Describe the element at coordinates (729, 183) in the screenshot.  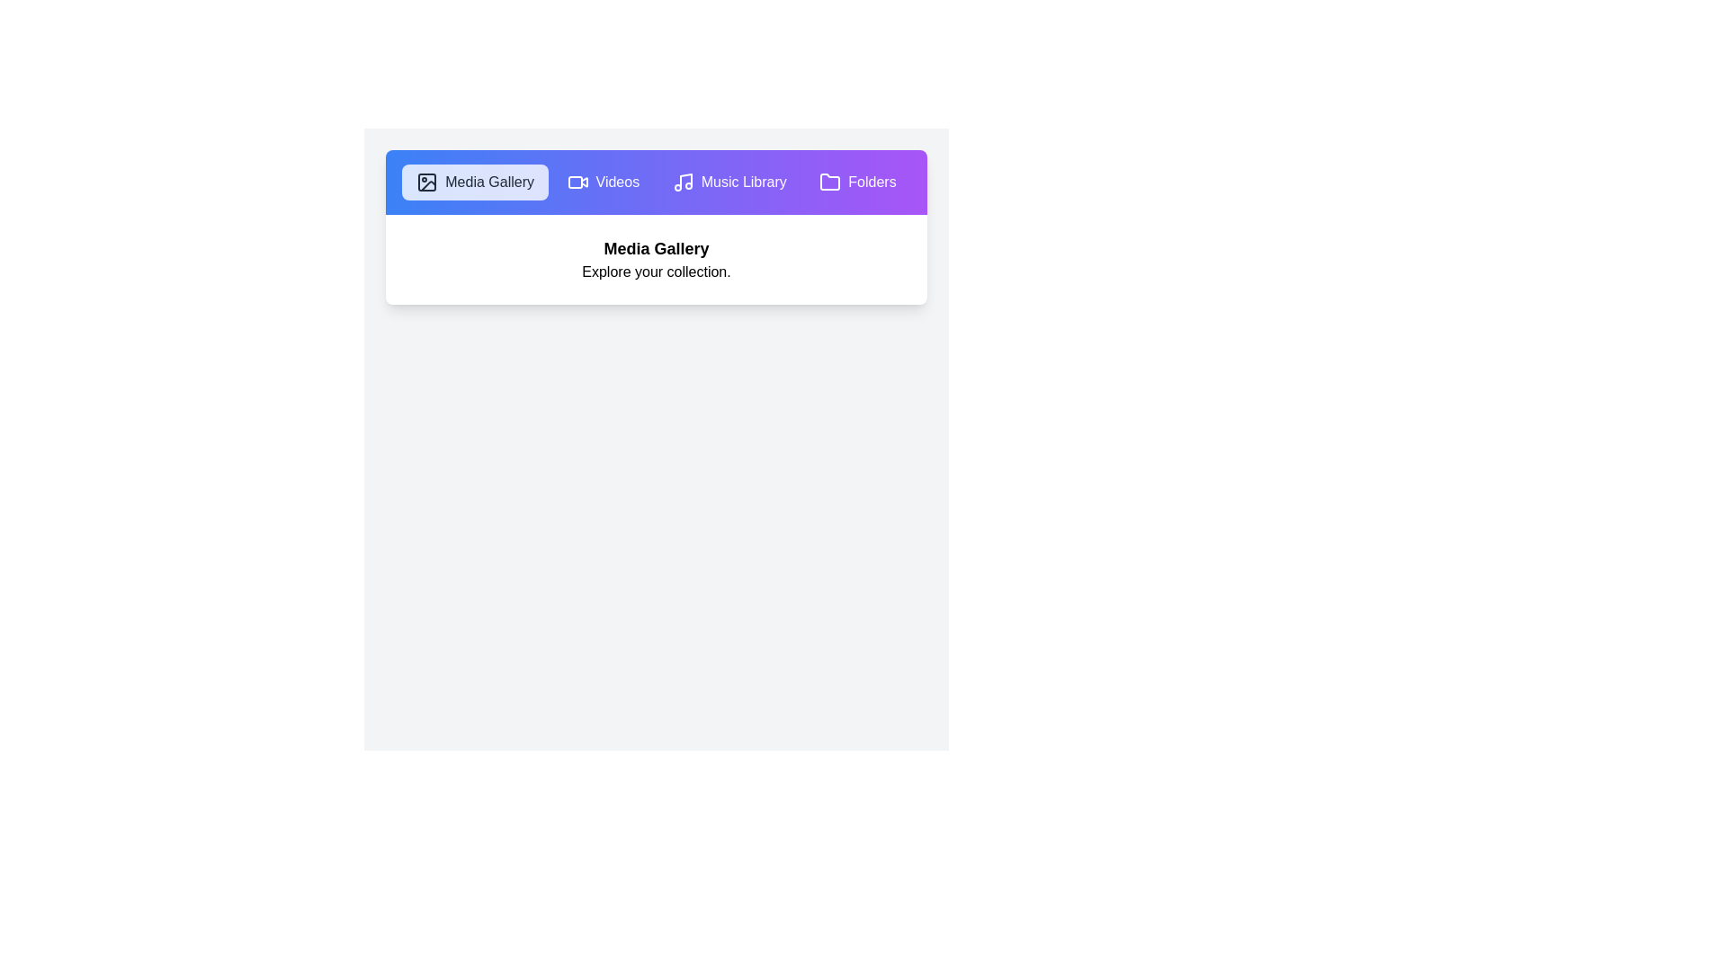
I see `the 'Music Library' button, which is styled with a gradient background and labeled with white text` at that location.